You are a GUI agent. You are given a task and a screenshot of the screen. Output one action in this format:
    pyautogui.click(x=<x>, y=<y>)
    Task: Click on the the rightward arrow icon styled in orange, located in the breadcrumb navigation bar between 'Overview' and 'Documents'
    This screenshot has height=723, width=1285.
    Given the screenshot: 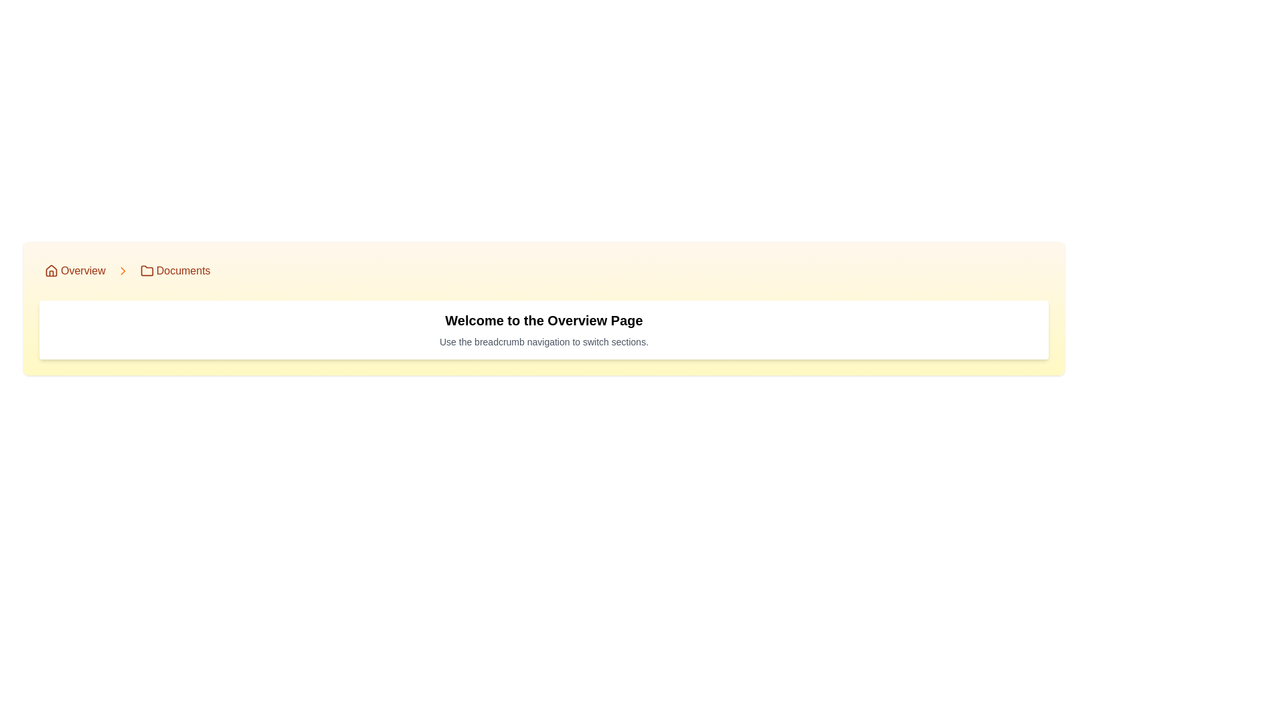 What is the action you would take?
    pyautogui.click(x=122, y=271)
    